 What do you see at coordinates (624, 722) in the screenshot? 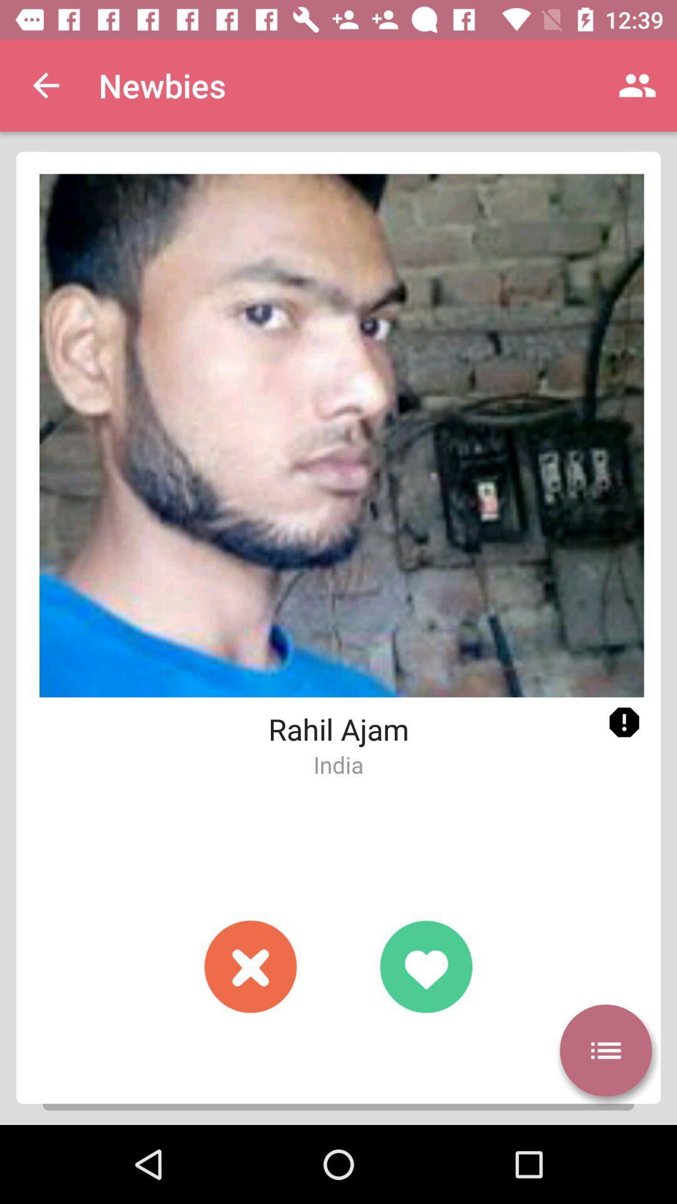
I see `report terms violation` at bounding box center [624, 722].